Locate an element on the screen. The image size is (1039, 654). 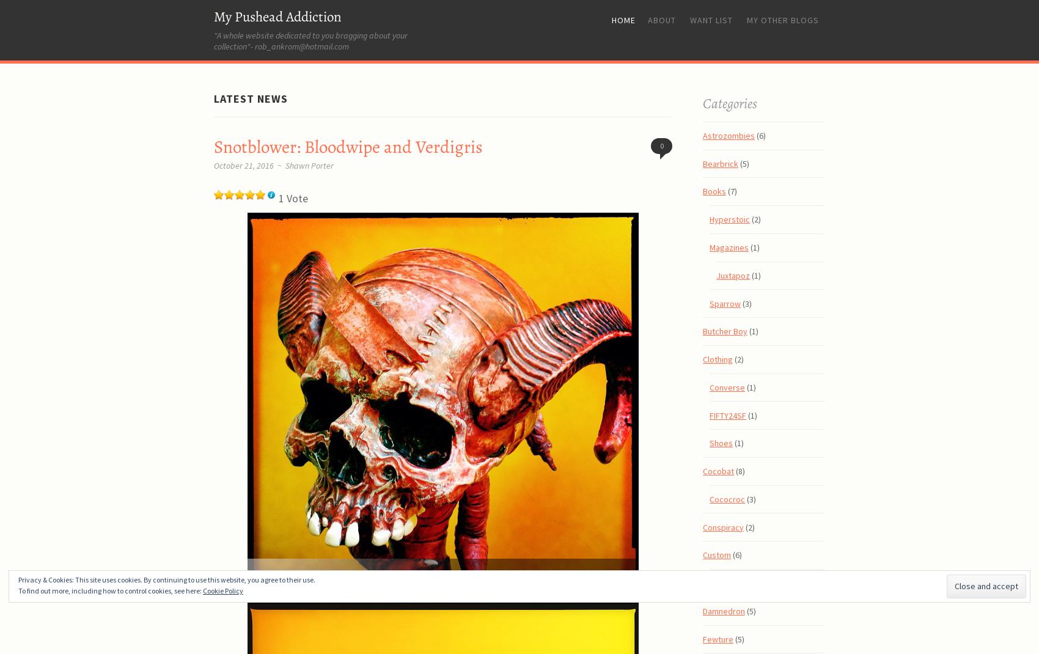
'Sparrow' is located at coordinates (724, 303).